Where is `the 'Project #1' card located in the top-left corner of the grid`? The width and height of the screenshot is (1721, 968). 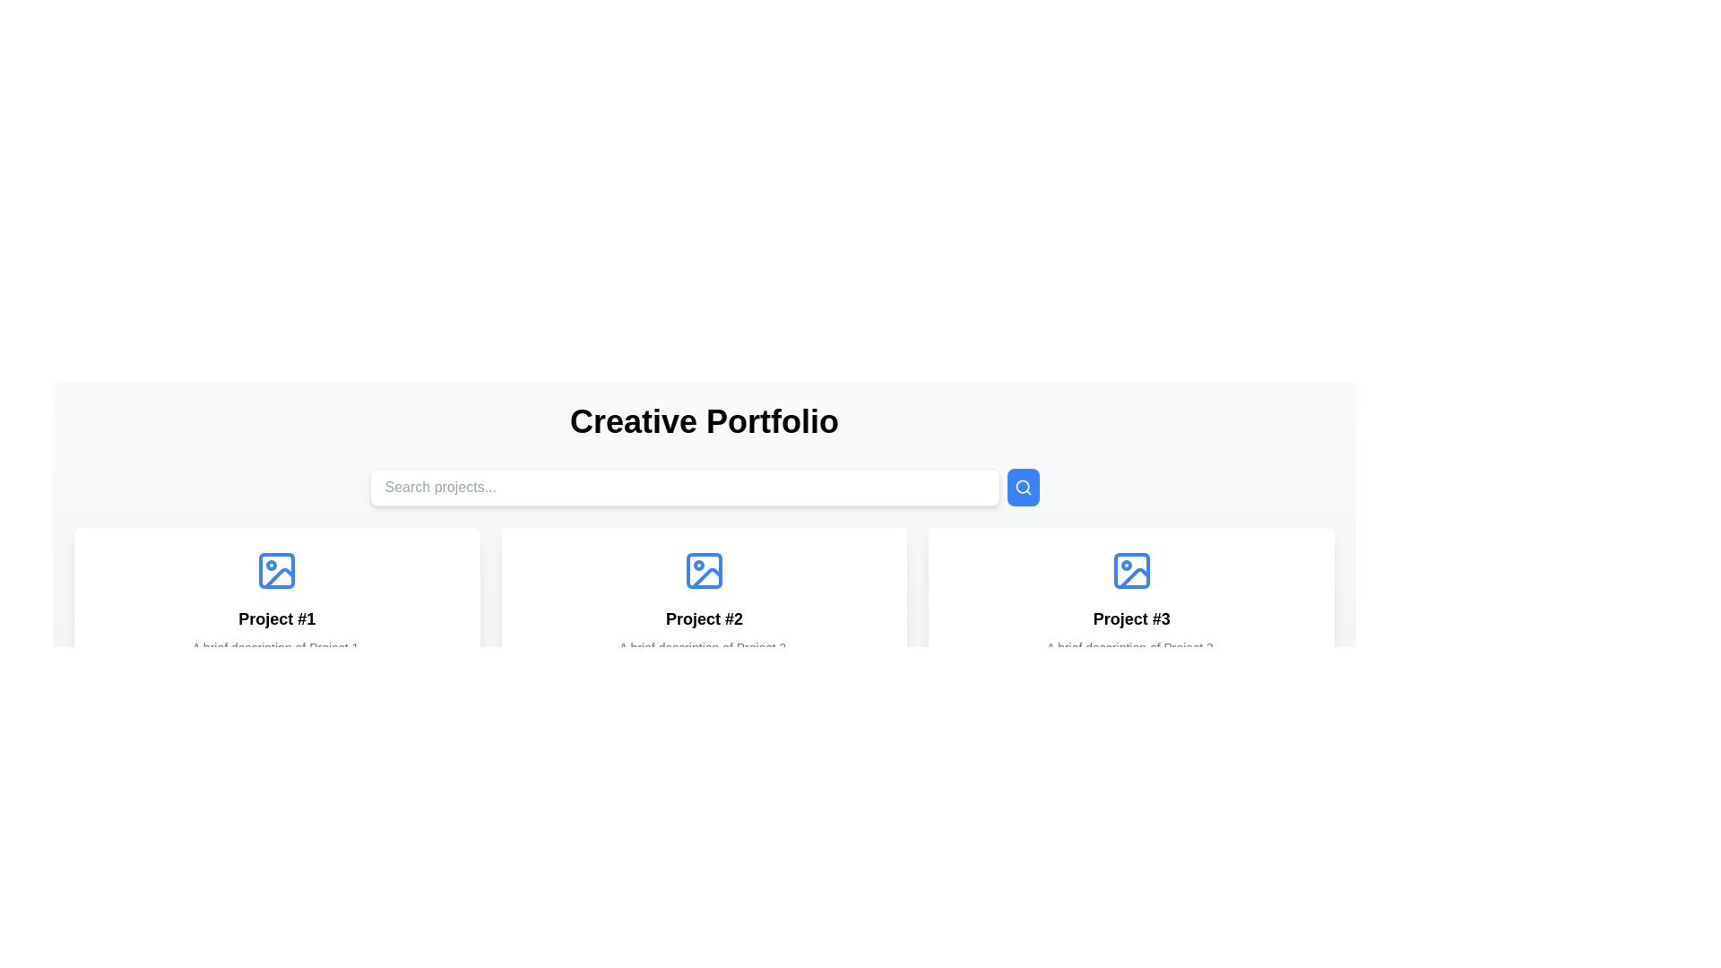
the 'Project #1' card located in the top-left corner of the grid is located at coordinates (276, 625).